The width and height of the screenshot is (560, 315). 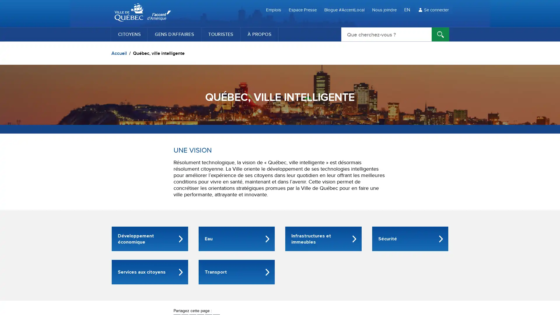 I want to click on Rechercher, so click(x=440, y=34).